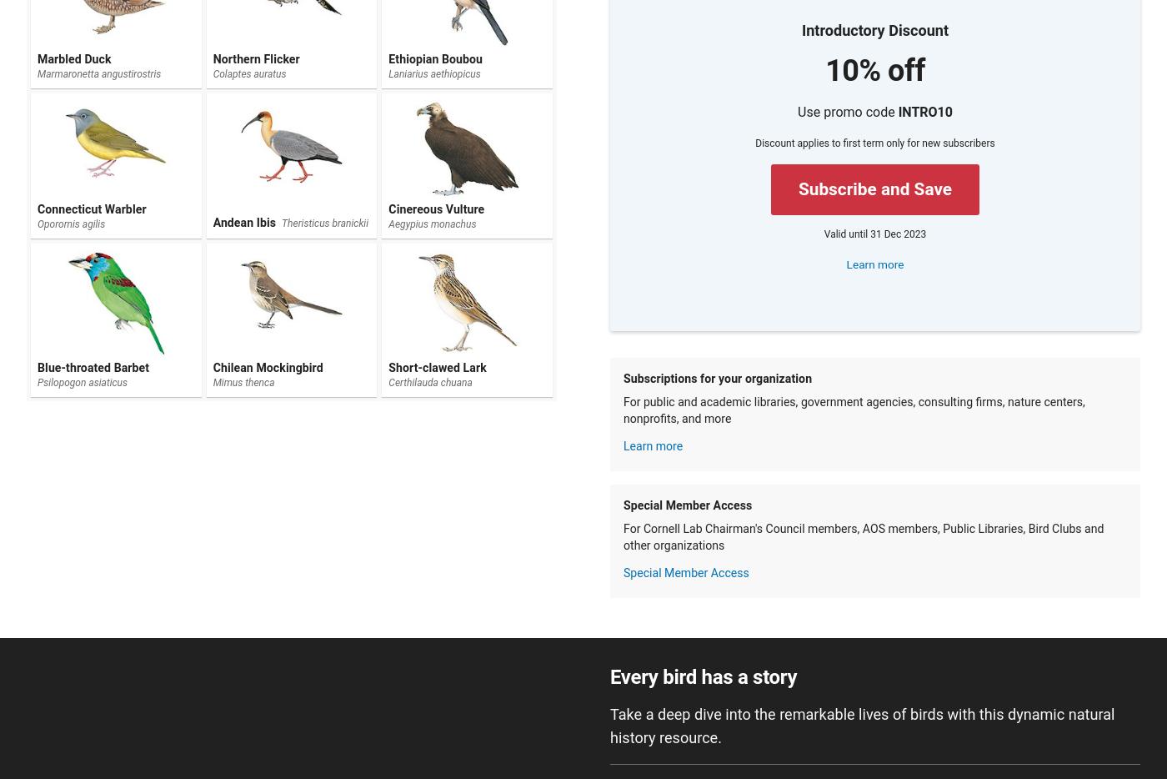  Describe the element at coordinates (432, 224) in the screenshot. I see `'Aegypius monachus'` at that location.